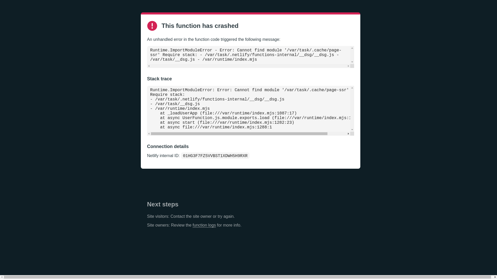 Image resolution: width=497 pixels, height=279 pixels. Describe the element at coordinates (204, 225) in the screenshot. I see `'function logs'` at that location.